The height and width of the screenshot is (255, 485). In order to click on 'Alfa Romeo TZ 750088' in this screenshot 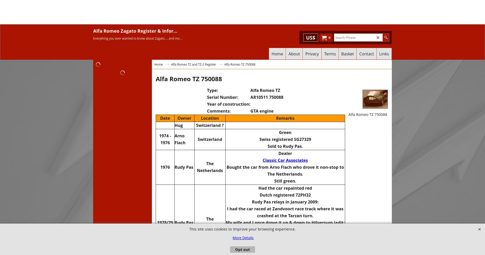, I will do `click(239, 64)`.